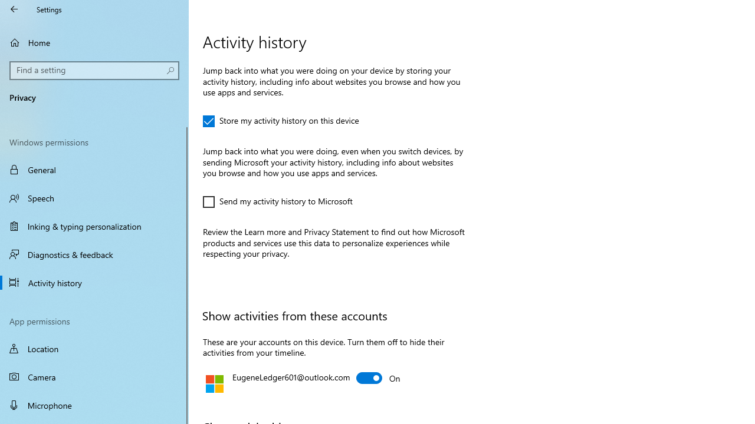 The height and width of the screenshot is (424, 755). What do you see at coordinates (280, 121) in the screenshot?
I see `'Store my activity history on this device'` at bounding box center [280, 121].